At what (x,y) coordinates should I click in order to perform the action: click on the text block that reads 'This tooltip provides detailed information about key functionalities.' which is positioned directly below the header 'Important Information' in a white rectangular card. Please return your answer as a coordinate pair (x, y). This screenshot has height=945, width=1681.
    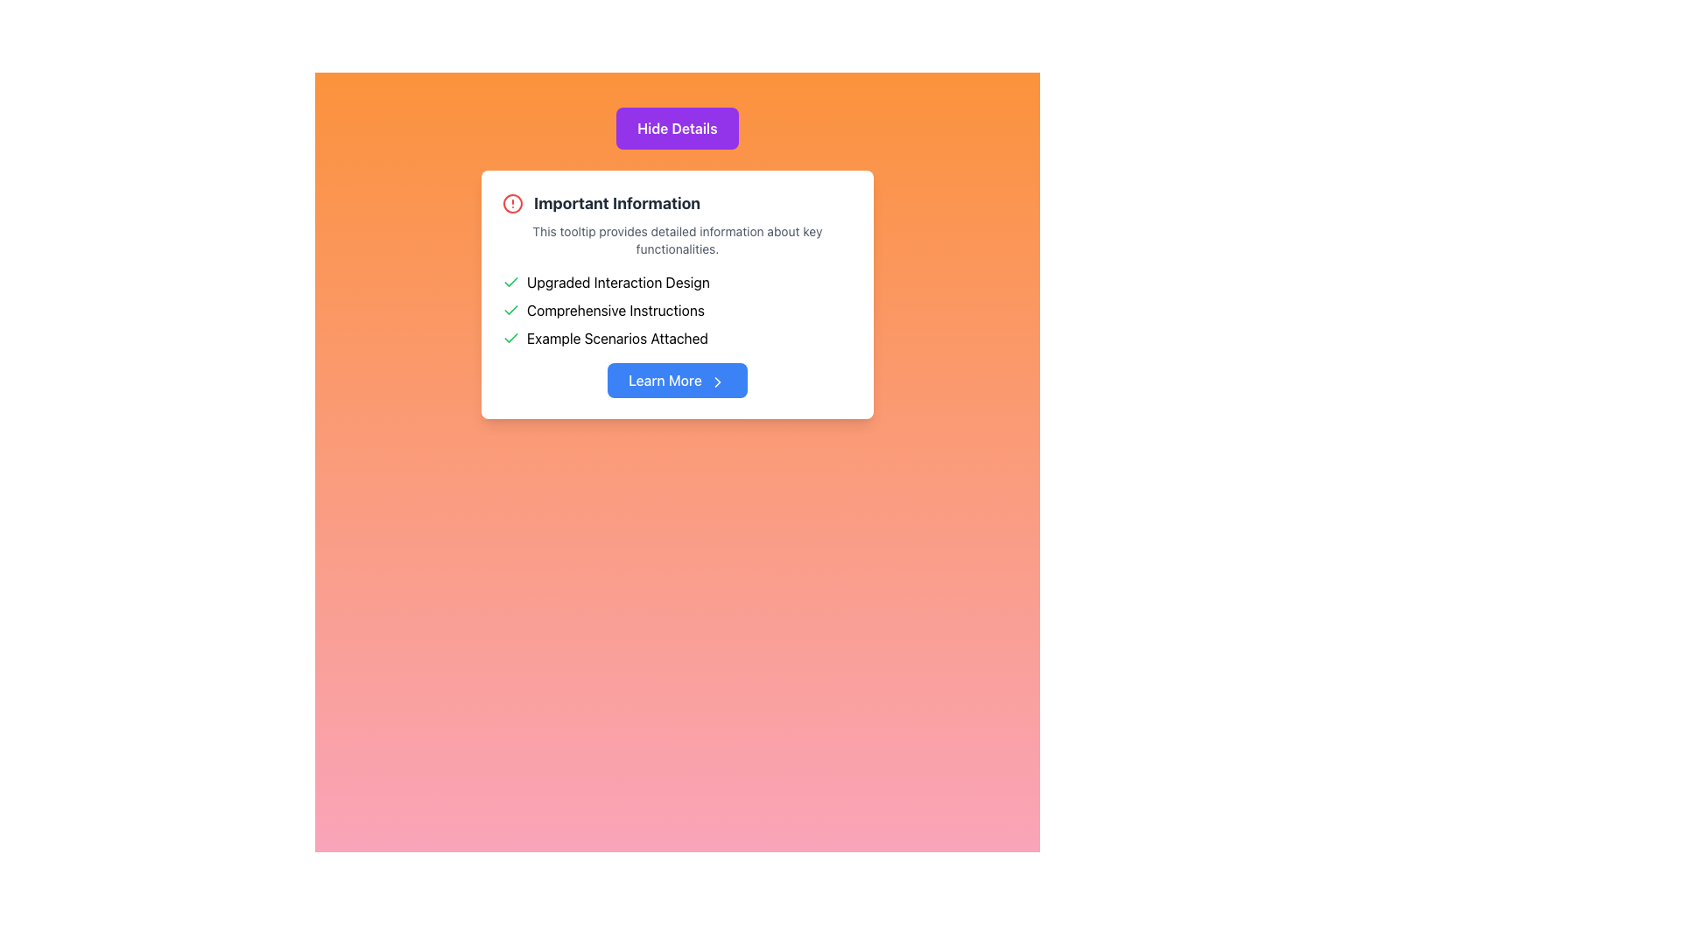
    Looking at the image, I should click on (676, 240).